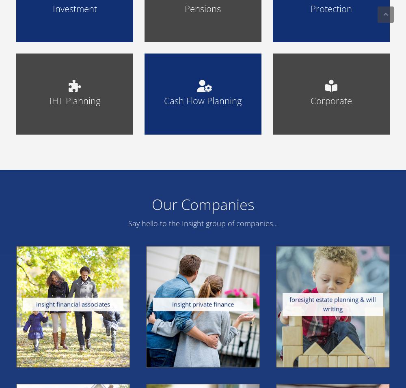 Image resolution: width=406 pixels, height=388 pixels. Describe the element at coordinates (203, 223) in the screenshot. I see `'Say hello to the Insight group of companies...'` at that location.